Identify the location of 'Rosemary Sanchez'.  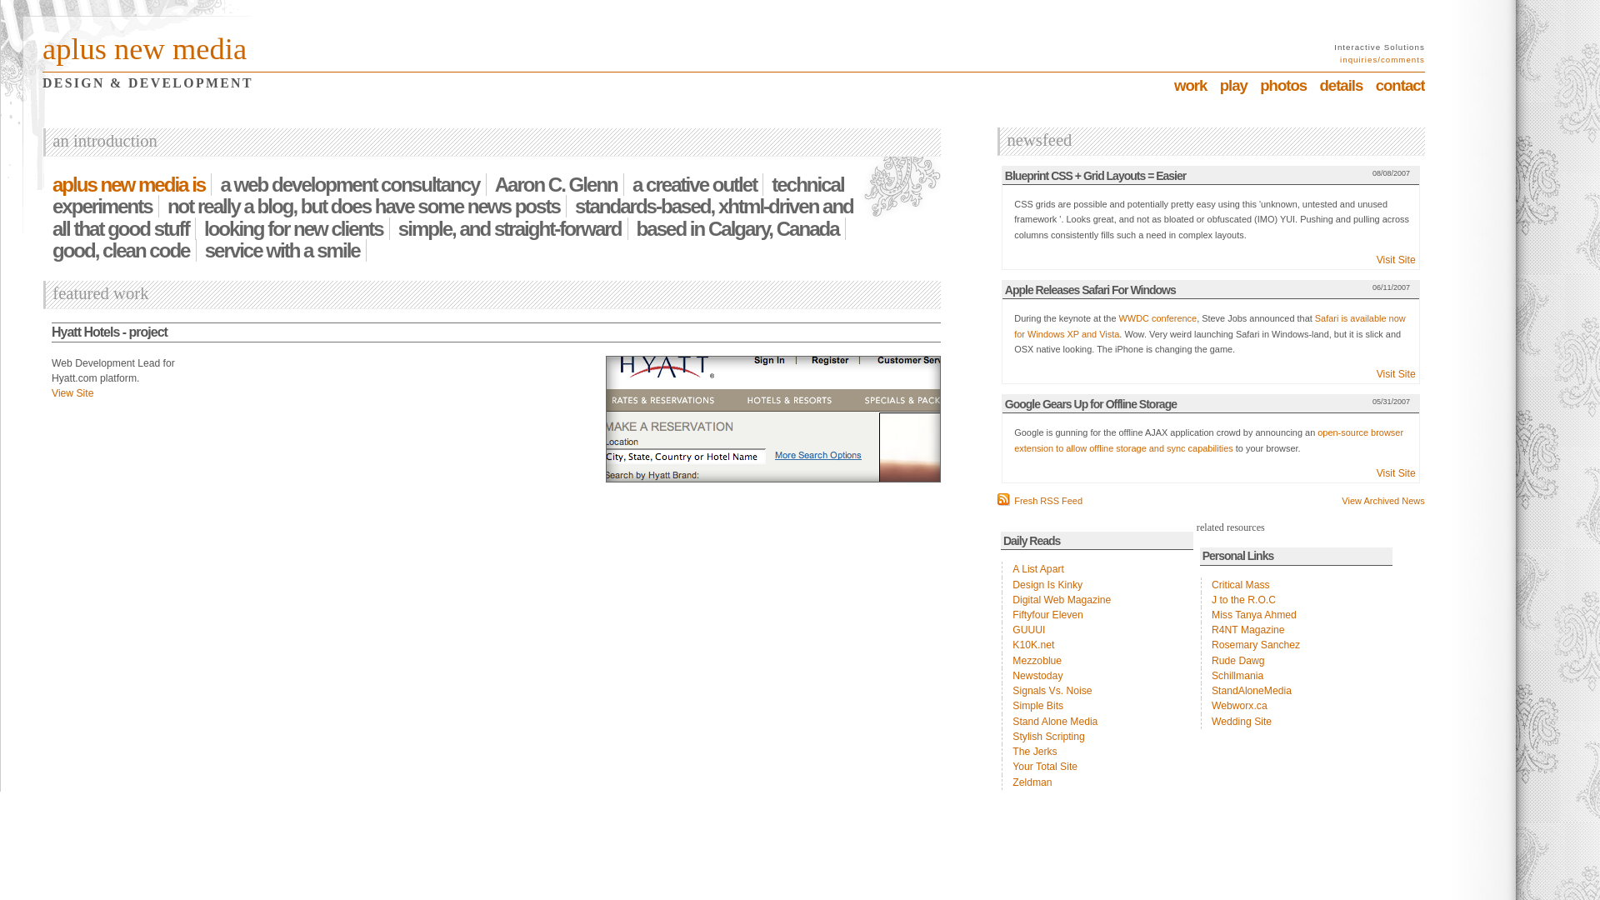
(1200, 644).